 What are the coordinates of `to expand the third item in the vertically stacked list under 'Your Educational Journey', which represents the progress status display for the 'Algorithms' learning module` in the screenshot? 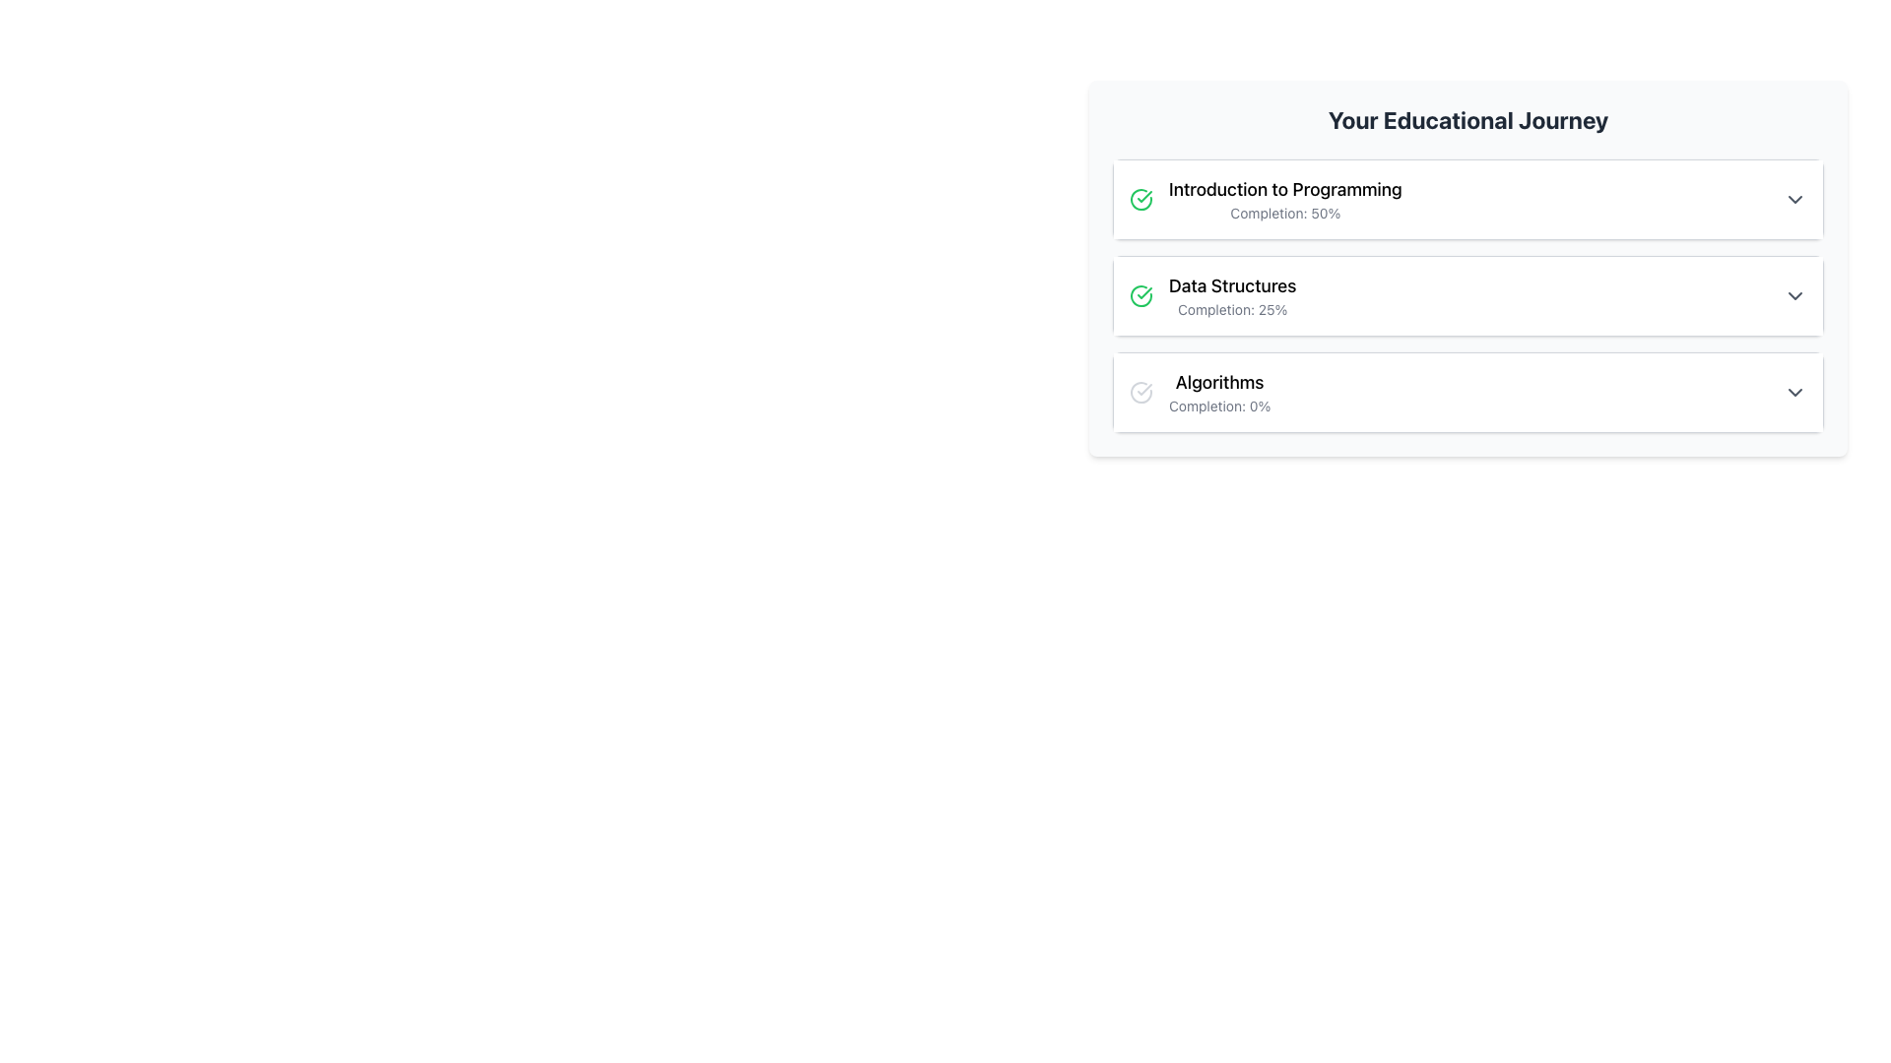 It's located at (1468, 392).